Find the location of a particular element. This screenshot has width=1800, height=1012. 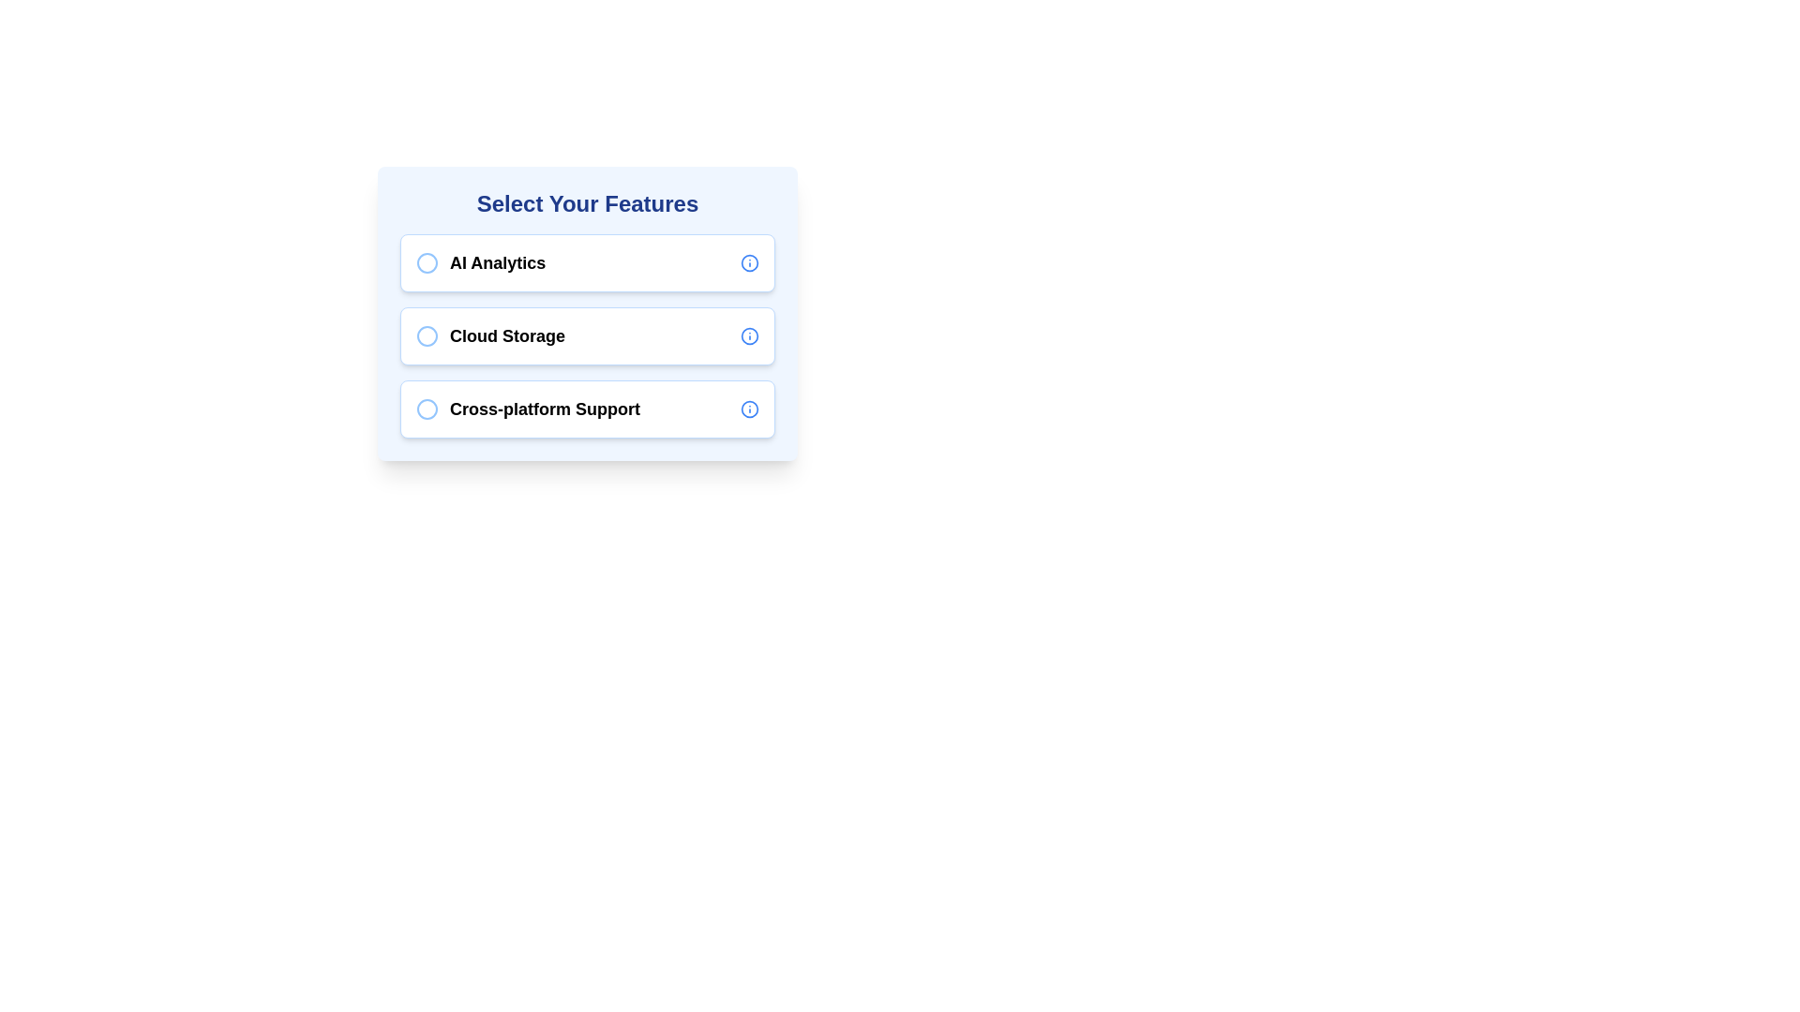

circular light blue icon with a stroke outline located to the left of the text label 'Cross-platform Support' is located at coordinates (427, 408).